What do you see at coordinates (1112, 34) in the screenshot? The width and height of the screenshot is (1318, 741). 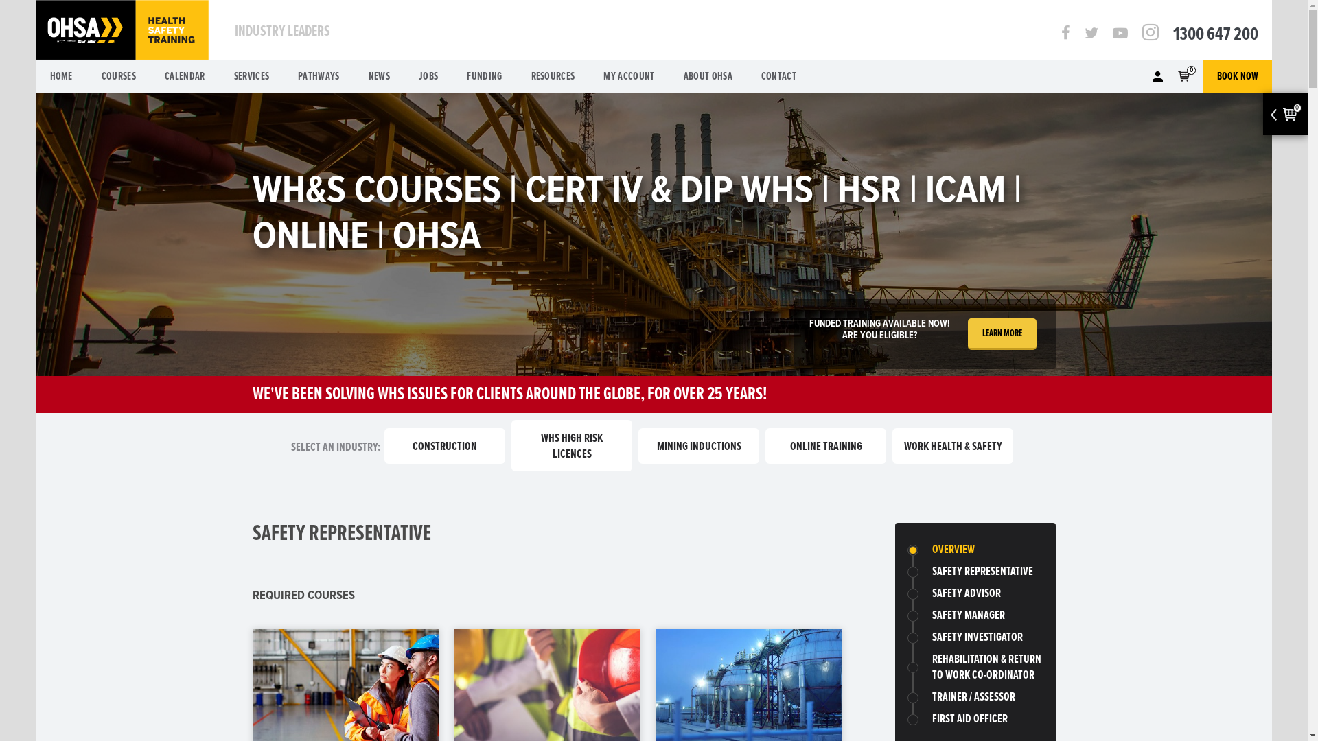 I see `'Youtube'` at bounding box center [1112, 34].